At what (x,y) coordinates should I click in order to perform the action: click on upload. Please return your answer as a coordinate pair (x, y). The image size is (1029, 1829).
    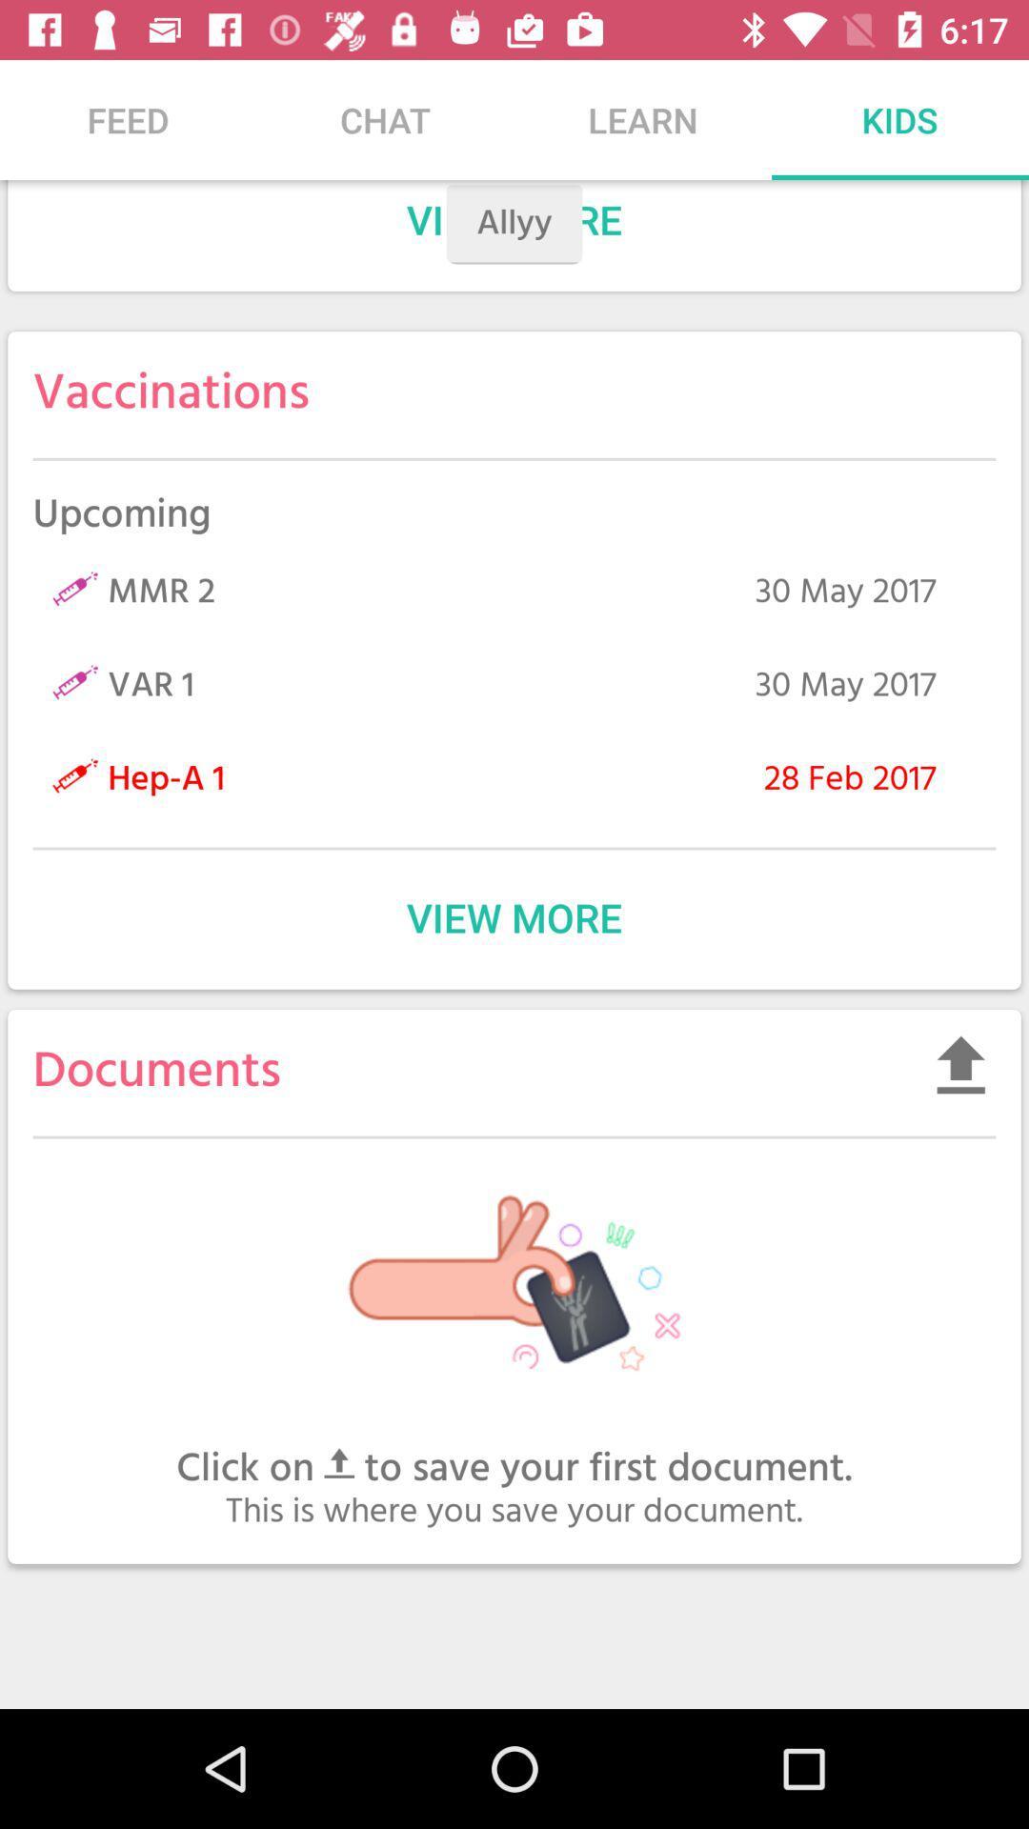
    Looking at the image, I should click on (960, 1063).